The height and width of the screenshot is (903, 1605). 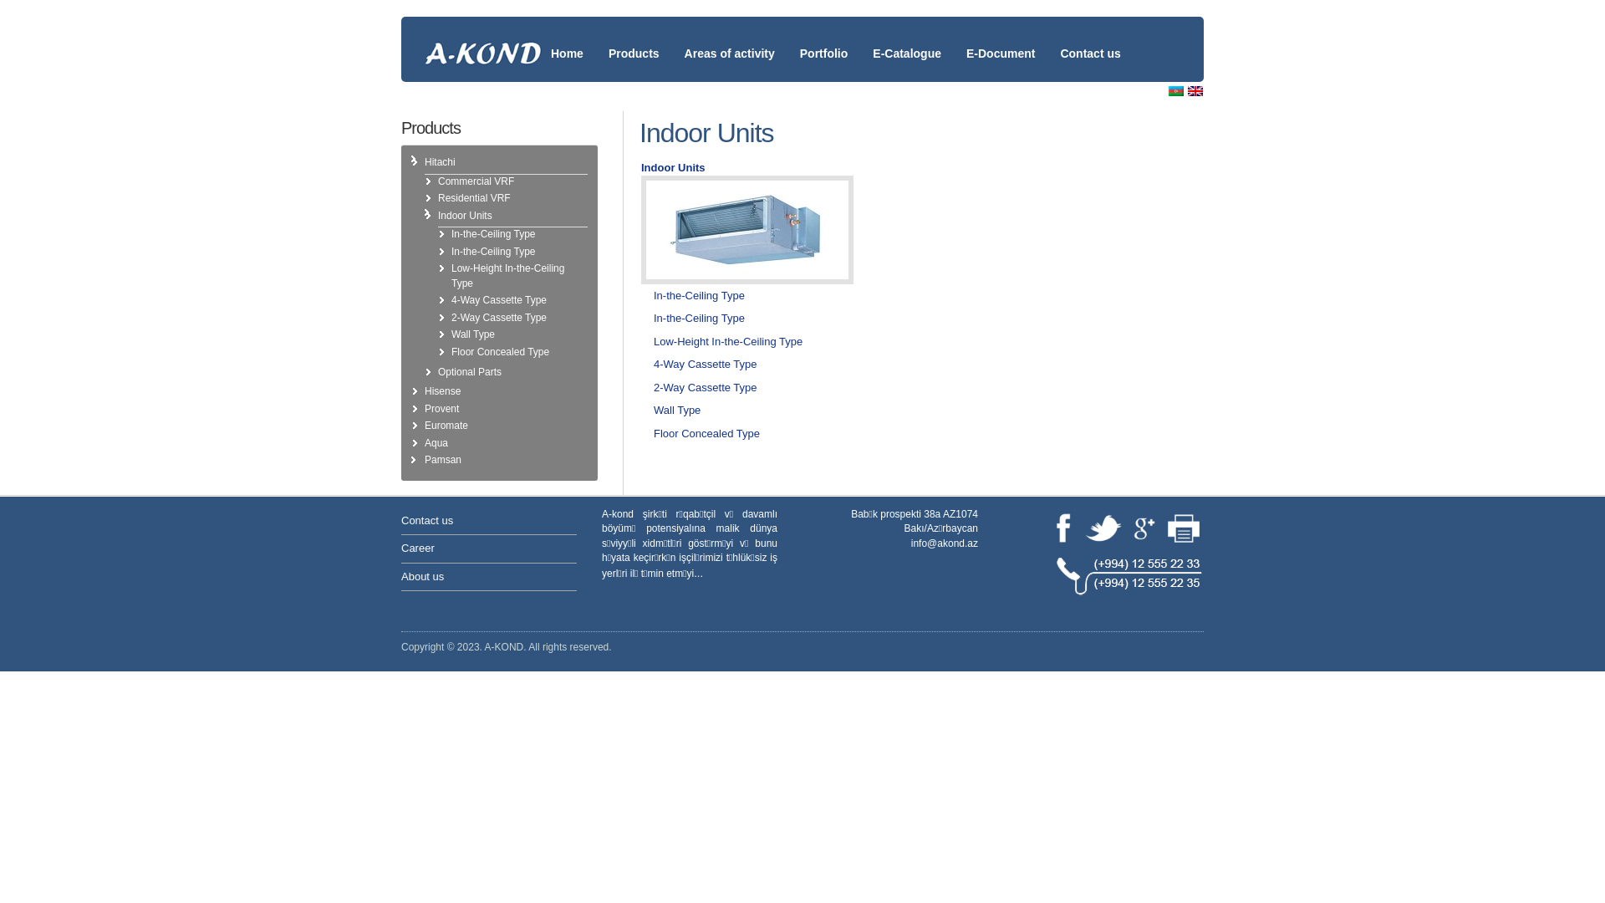 I want to click on 'Aqua', so click(x=425, y=441).